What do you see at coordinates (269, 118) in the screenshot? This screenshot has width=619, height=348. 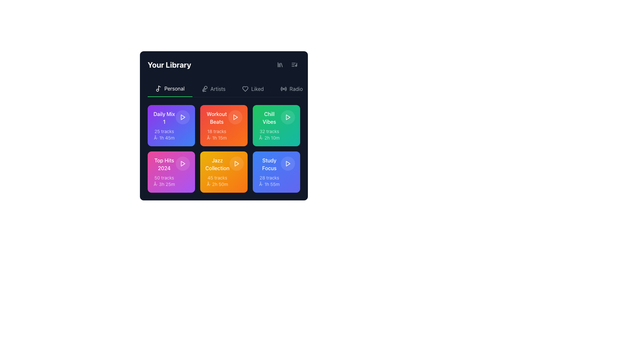 I see `the Text Label that serves as a title for the playlist displayed in the green tile, located in the first row and third column of the grid layout in the 'Your Library' section` at bounding box center [269, 118].